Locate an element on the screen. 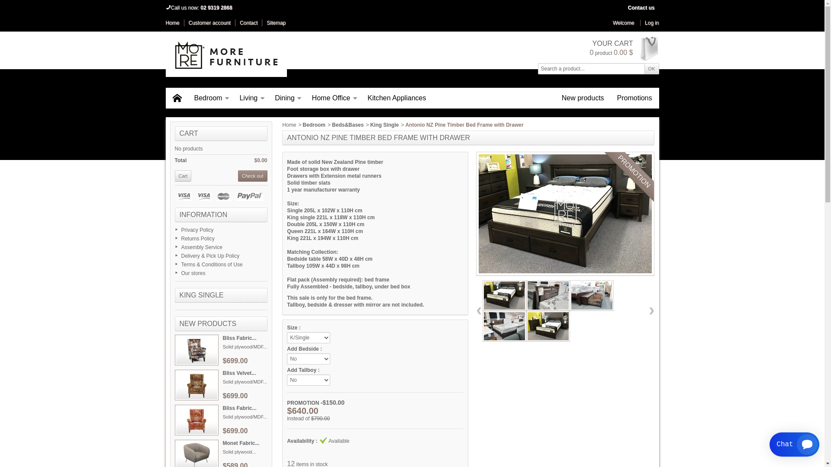 The image size is (831, 467). 'Smartsupp widget button' is located at coordinates (794, 445).